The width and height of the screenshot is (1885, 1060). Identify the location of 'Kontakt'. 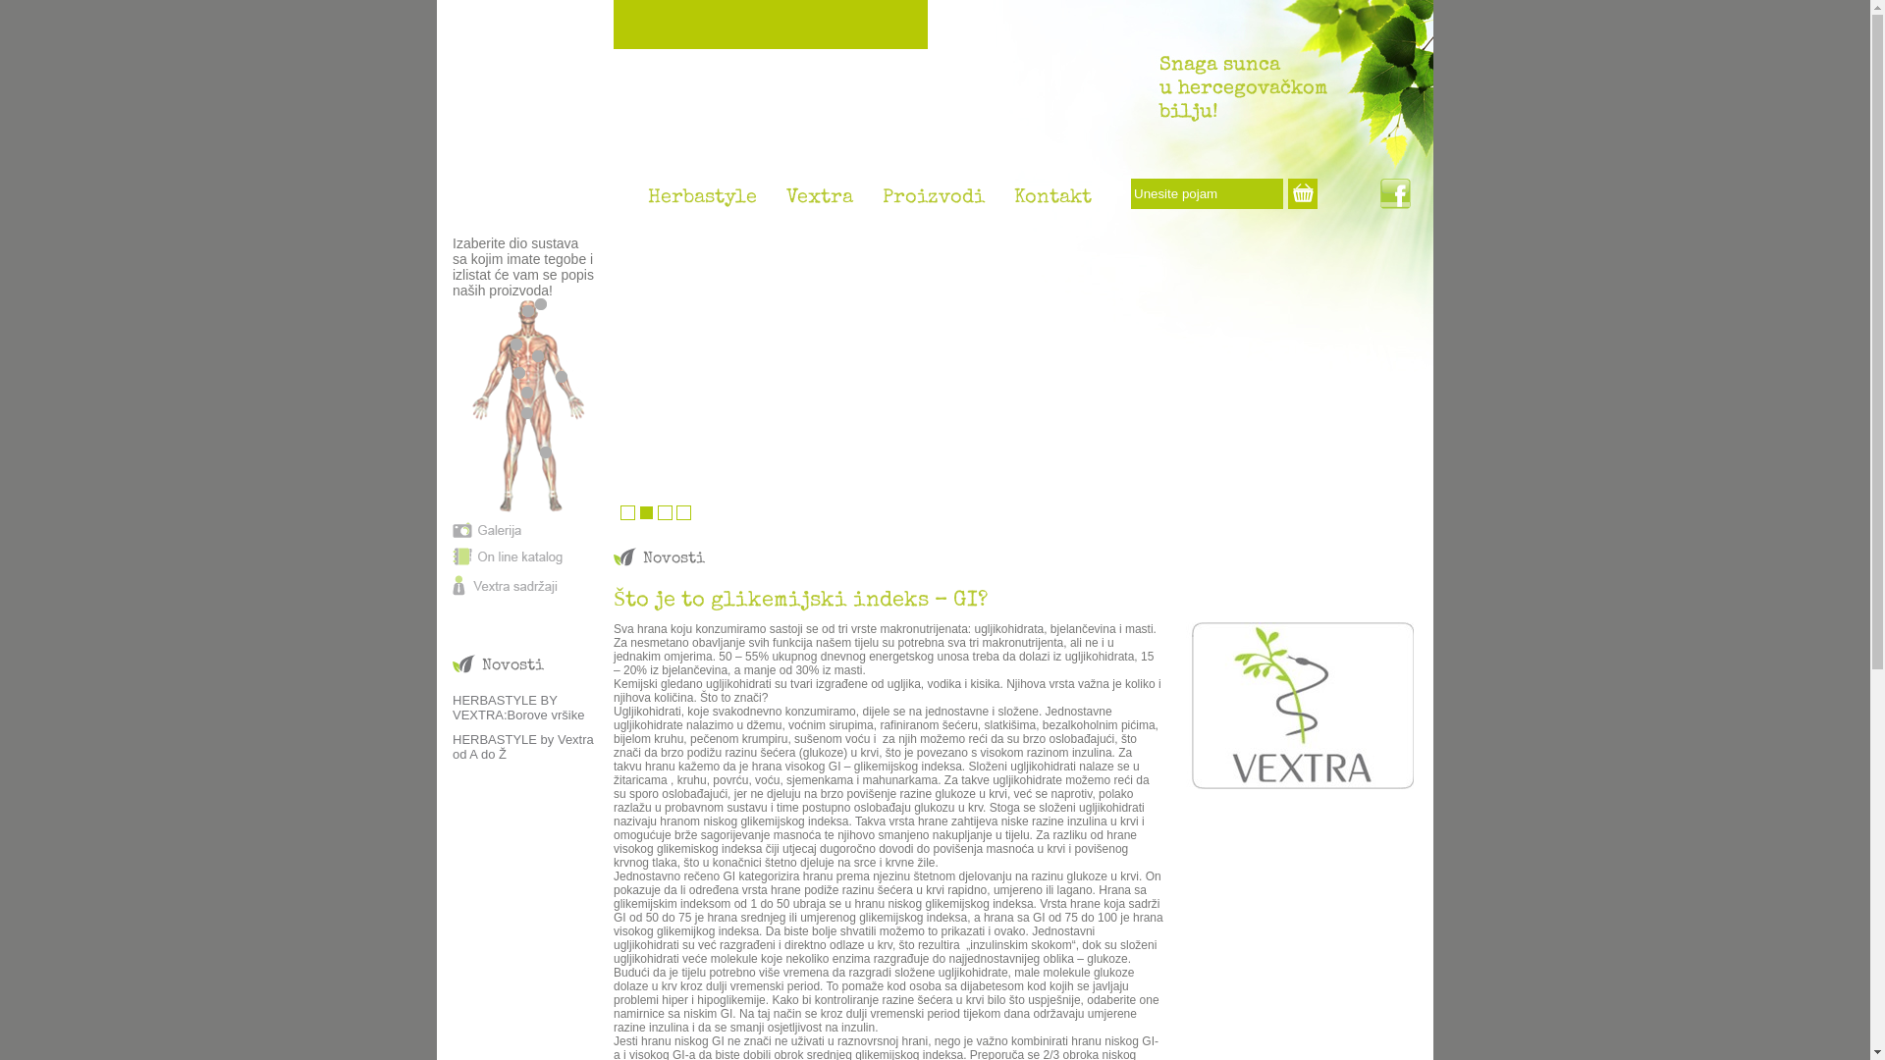
(1051, 203).